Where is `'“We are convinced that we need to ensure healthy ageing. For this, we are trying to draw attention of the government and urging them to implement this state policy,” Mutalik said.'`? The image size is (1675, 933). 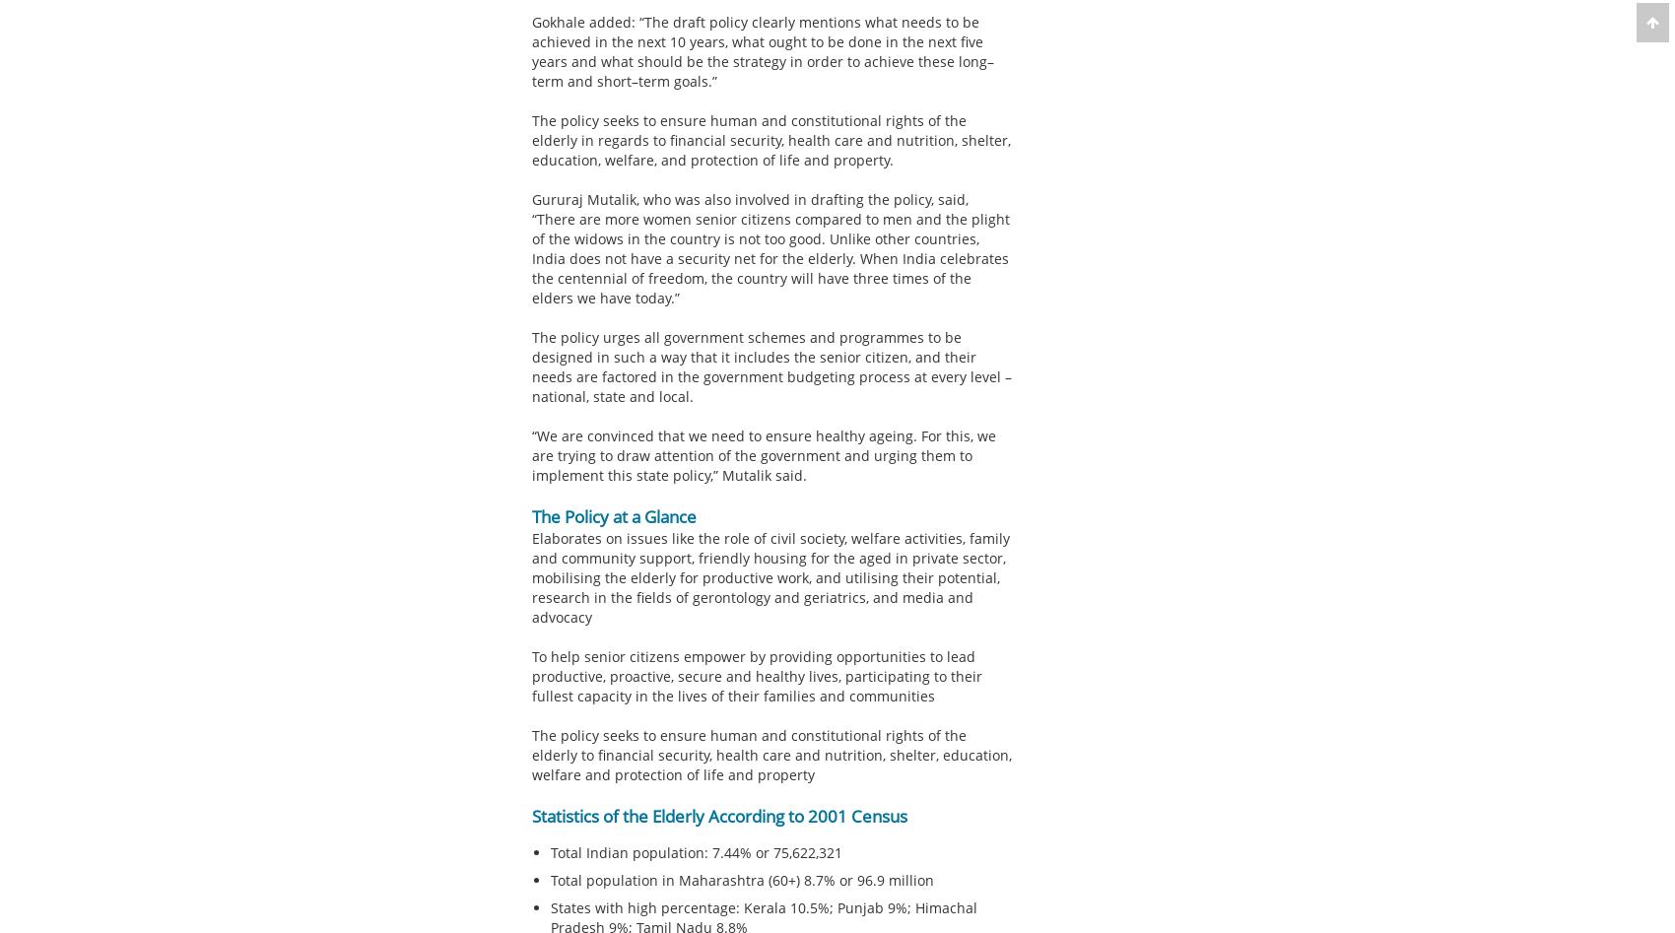 '“We are convinced that we need to ensure healthy ageing. For this, we are trying to draw attention of the government and urging them to implement this state policy,” Mutalik said.' is located at coordinates (530, 455).